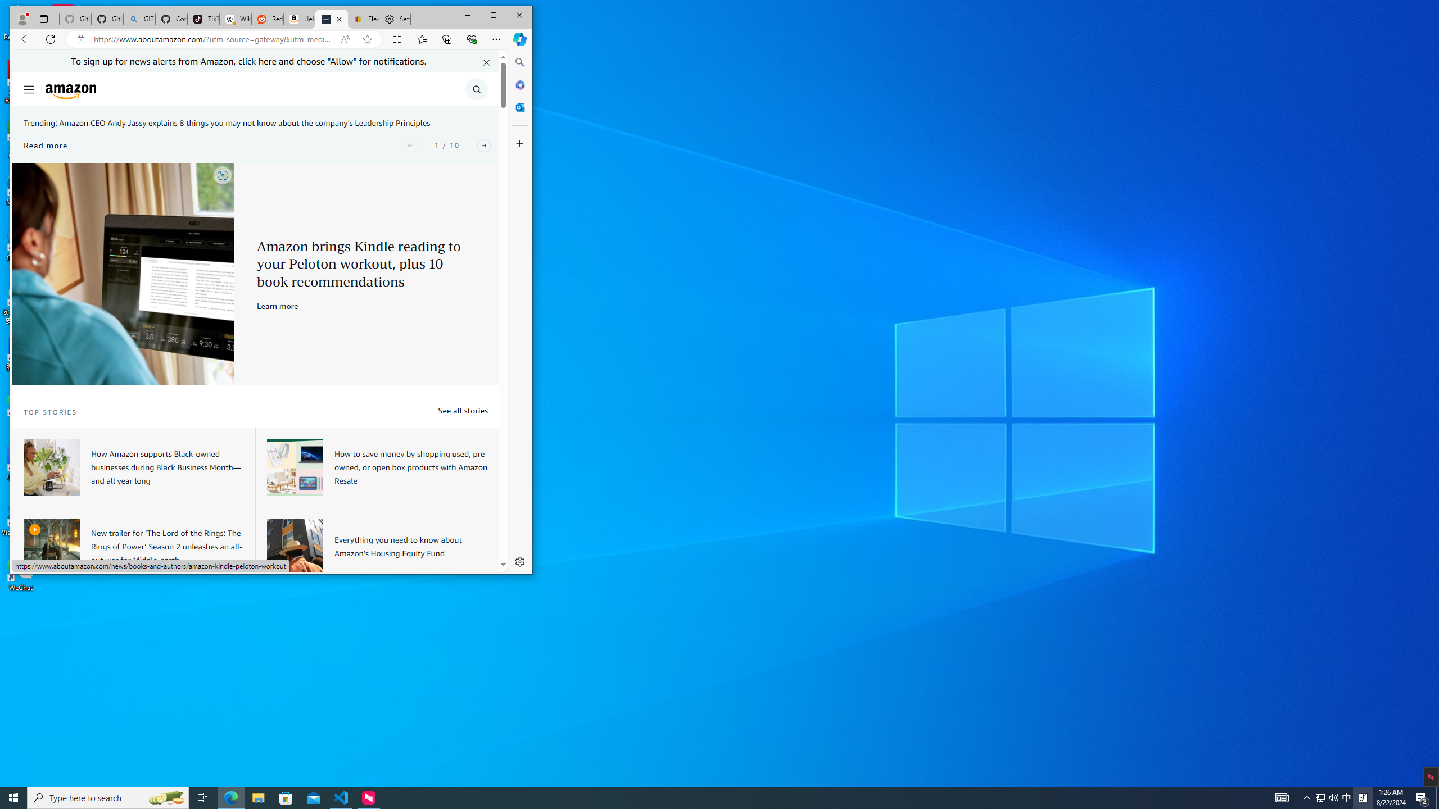 The image size is (1439, 809). I want to click on 'Reddit - Dive into anything', so click(266, 19).